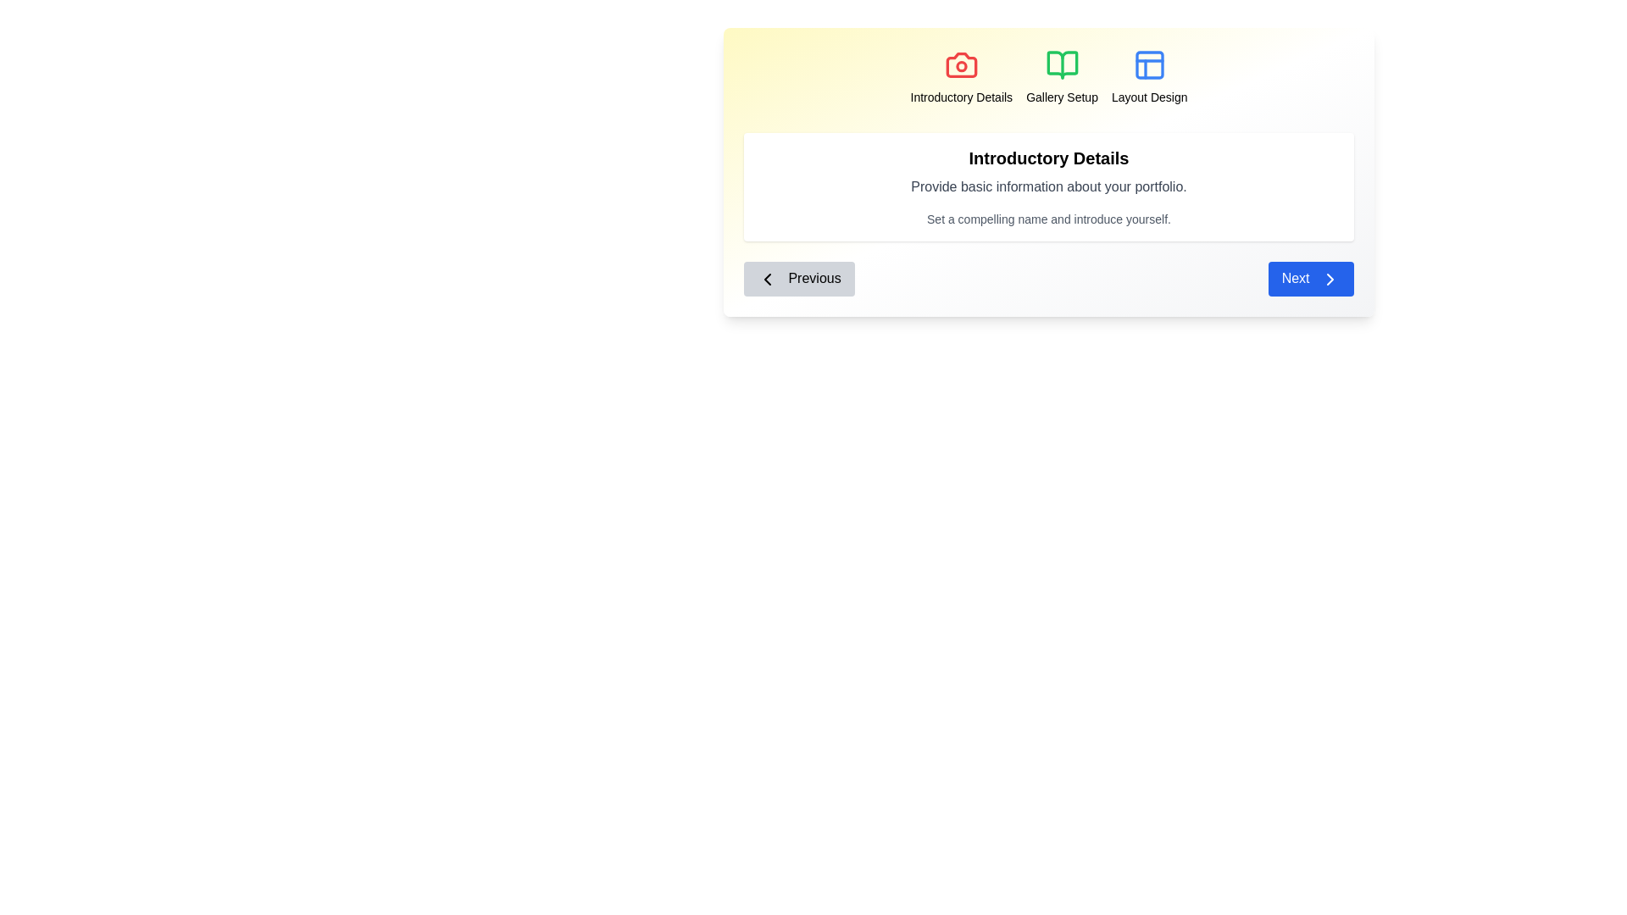  I want to click on the 'Previous' button located at the bottom section of the card-like interface, so click(798, 278).